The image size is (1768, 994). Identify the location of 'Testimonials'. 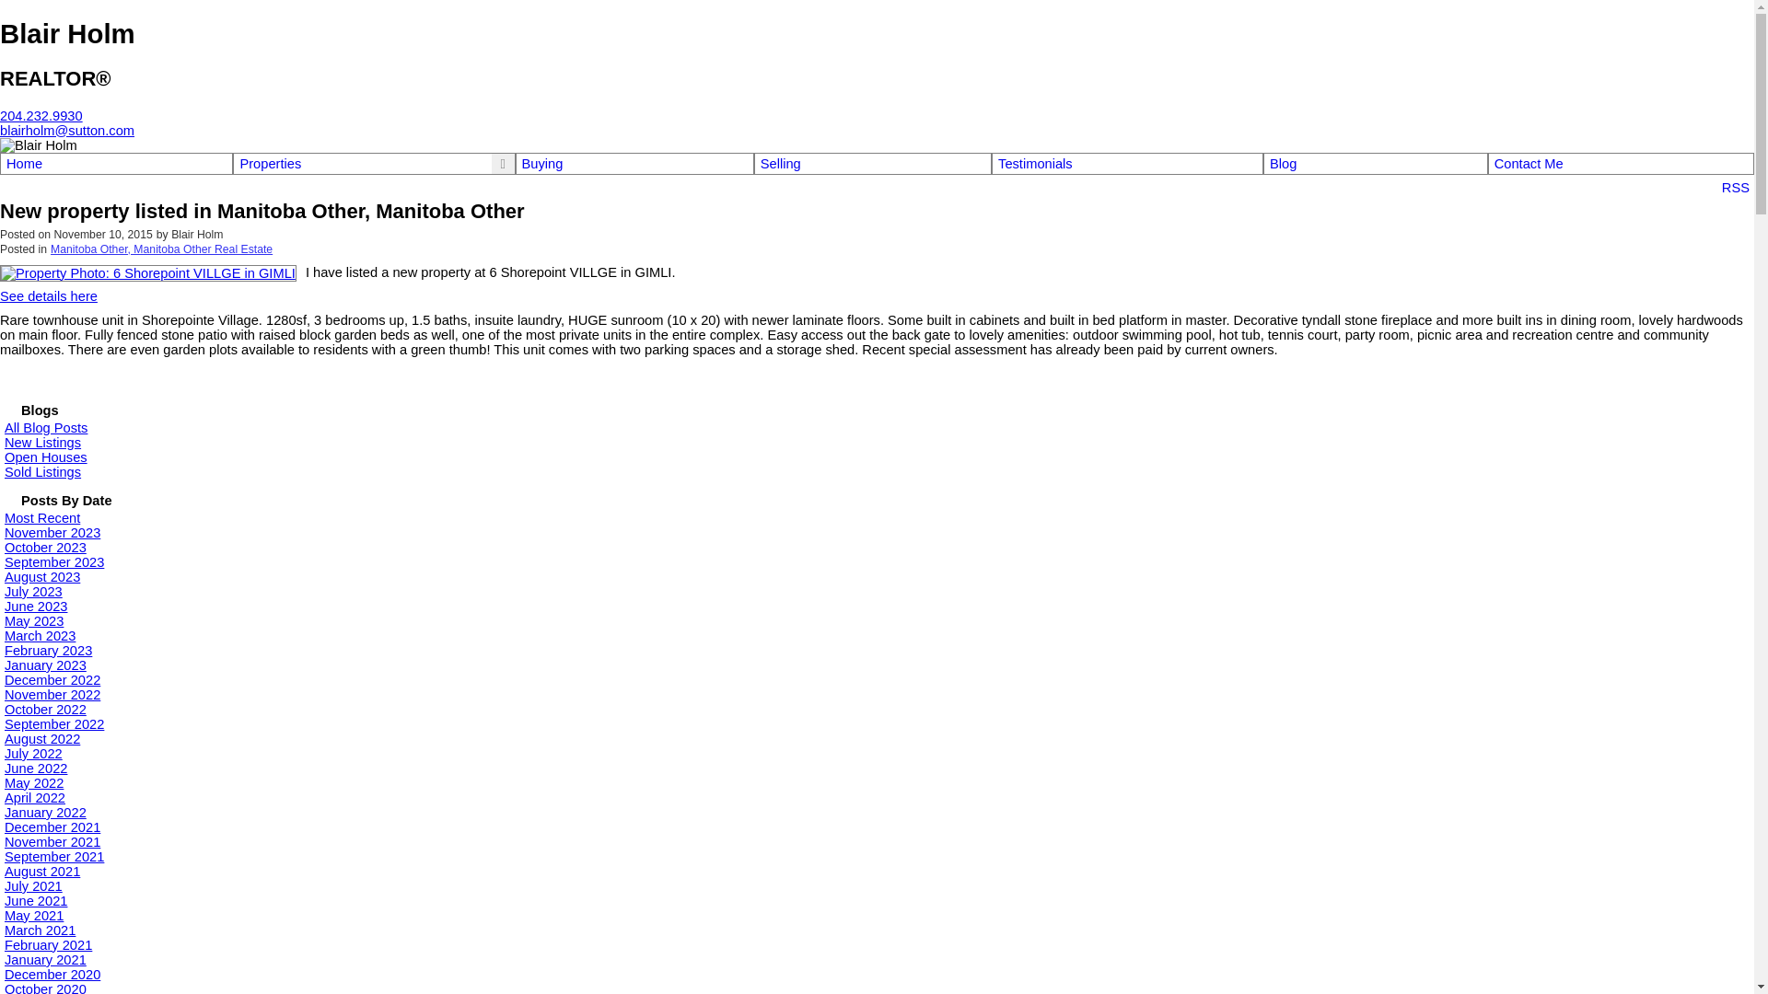
(1126, 162).